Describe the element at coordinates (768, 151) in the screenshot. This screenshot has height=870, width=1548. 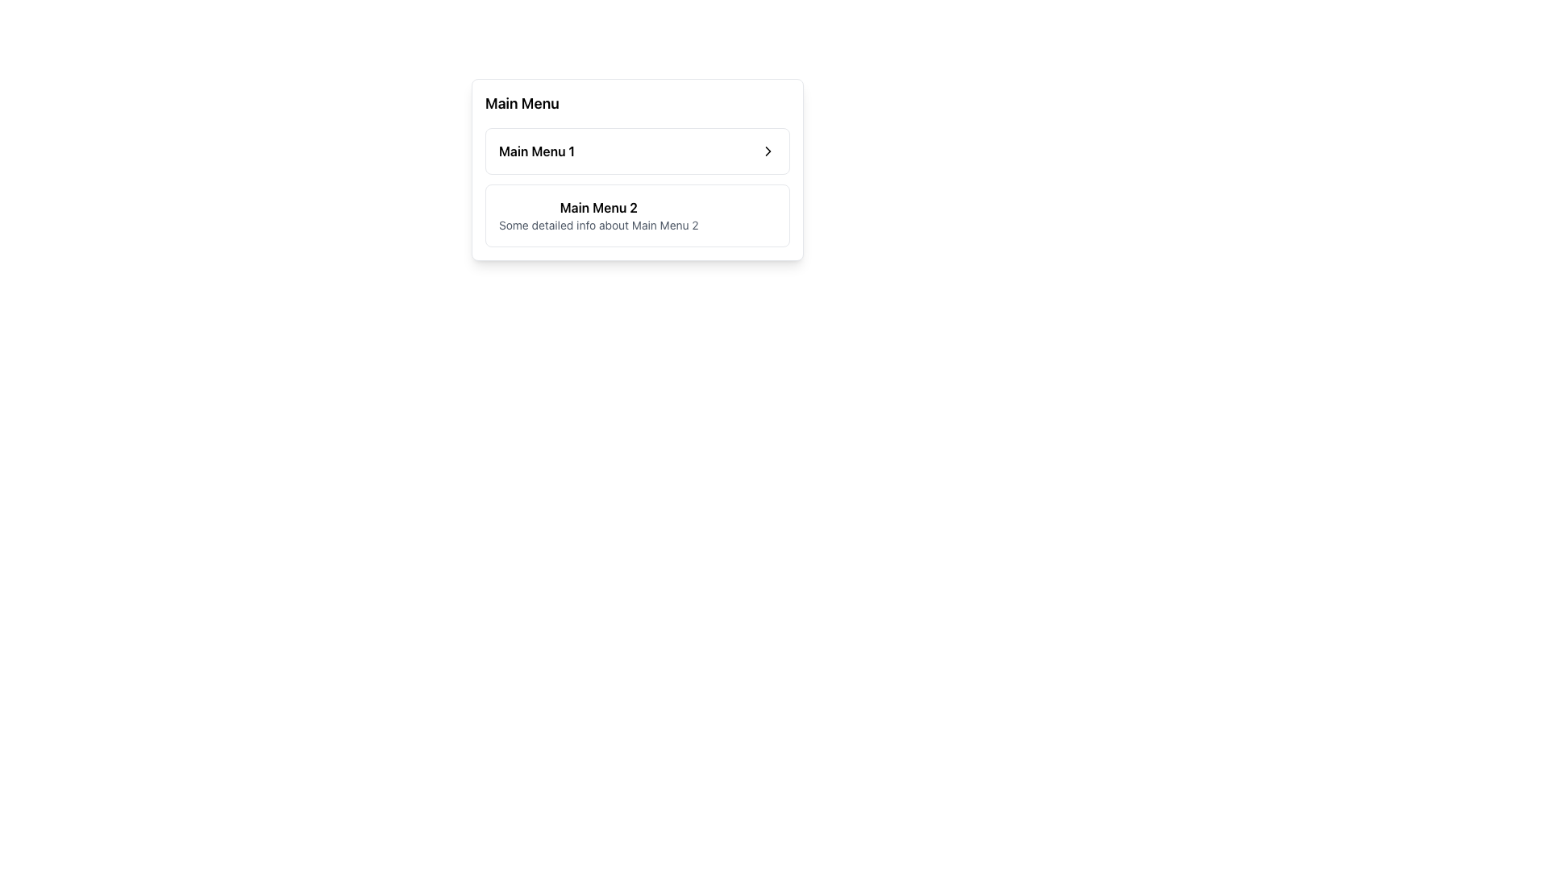
I see `the right-facing chevron icon of the 'Main Menu 1' entry to receive visual feedback or tooltip` at that location.